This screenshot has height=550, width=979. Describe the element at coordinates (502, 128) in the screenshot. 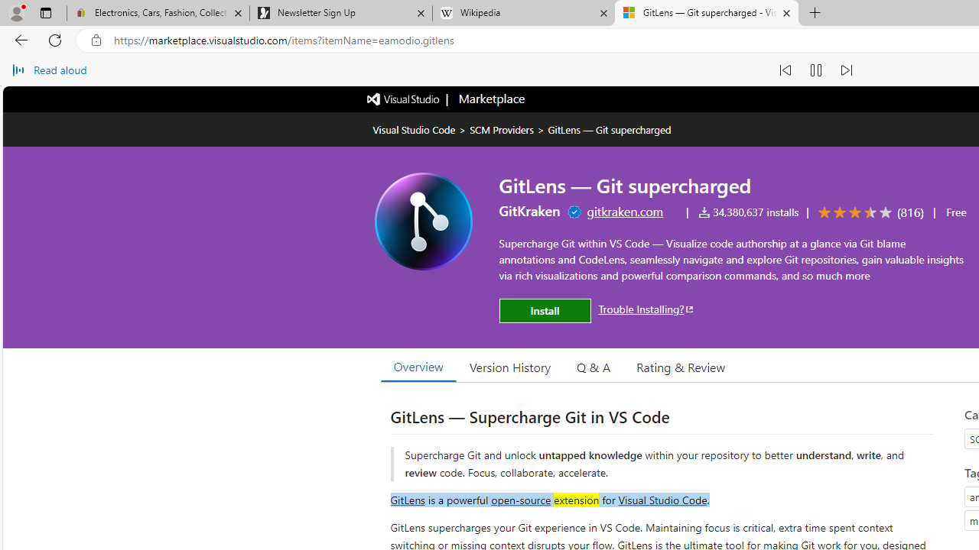

I see `'SCM Providers'` at that location.